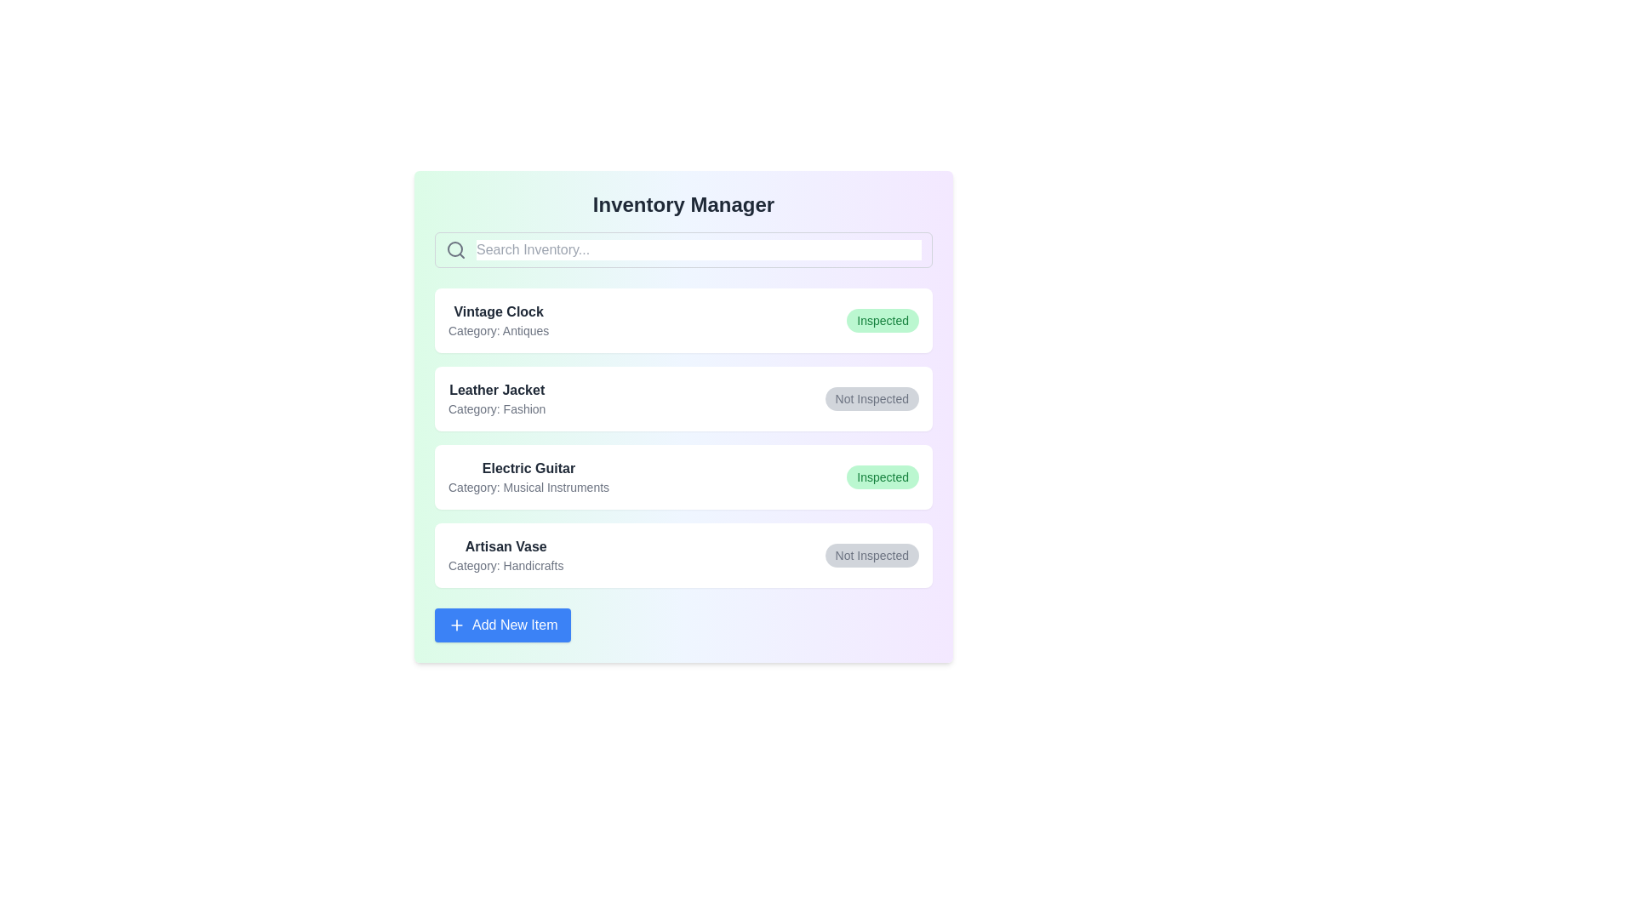 The height and width of the screenshot is (919, 1634). Describe the element at coordinates (683, 321) in the screenshot. I see `the item Vintage Clock to explore its hover effects` at that location.